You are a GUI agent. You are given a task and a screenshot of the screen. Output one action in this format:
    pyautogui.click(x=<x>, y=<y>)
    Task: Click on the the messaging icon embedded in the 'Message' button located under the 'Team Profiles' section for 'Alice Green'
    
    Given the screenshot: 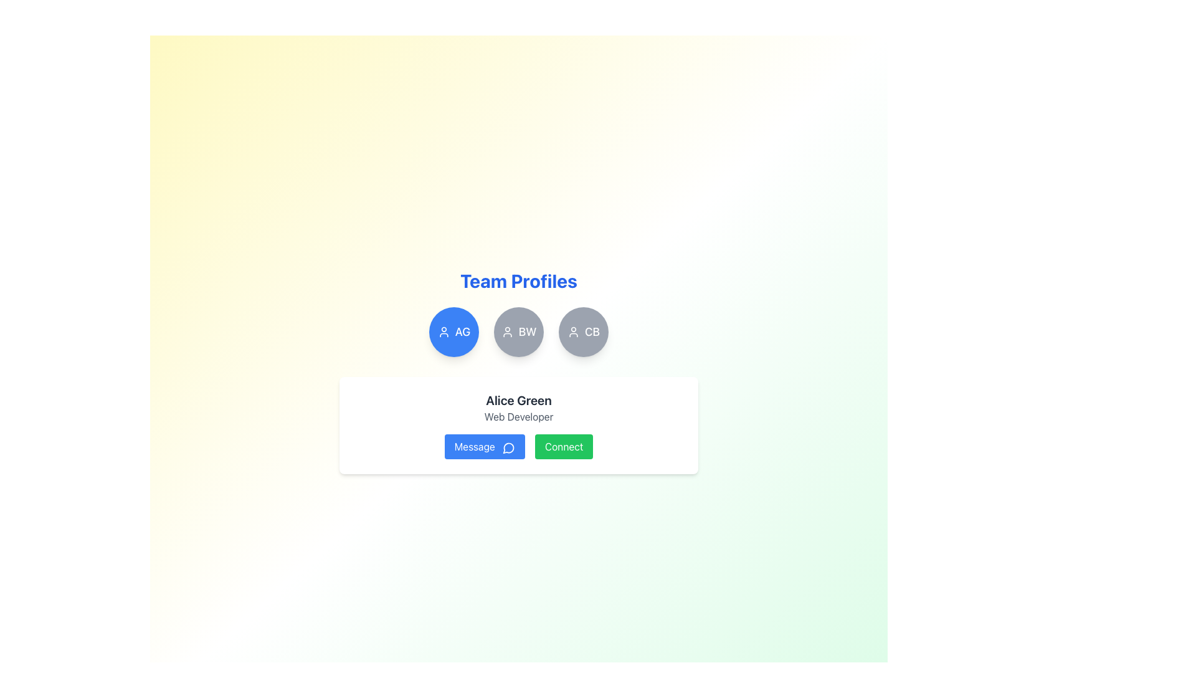 What is the action you would take?
    pyautogui.click(x=508, y=447)
    